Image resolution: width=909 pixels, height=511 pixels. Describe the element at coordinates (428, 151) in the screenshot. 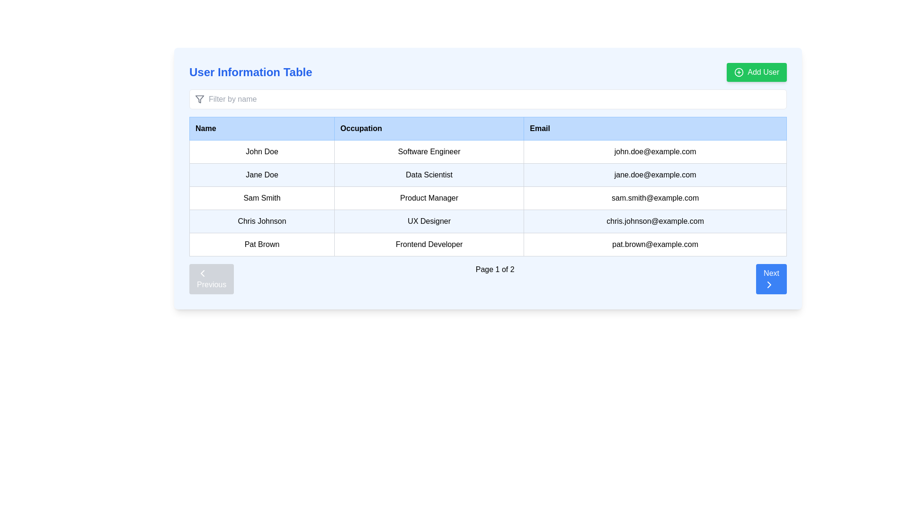

I see `the text label displaying 'Software Engineer' located in the second column of the first row of the table under the 'Occupation' header` at that location.